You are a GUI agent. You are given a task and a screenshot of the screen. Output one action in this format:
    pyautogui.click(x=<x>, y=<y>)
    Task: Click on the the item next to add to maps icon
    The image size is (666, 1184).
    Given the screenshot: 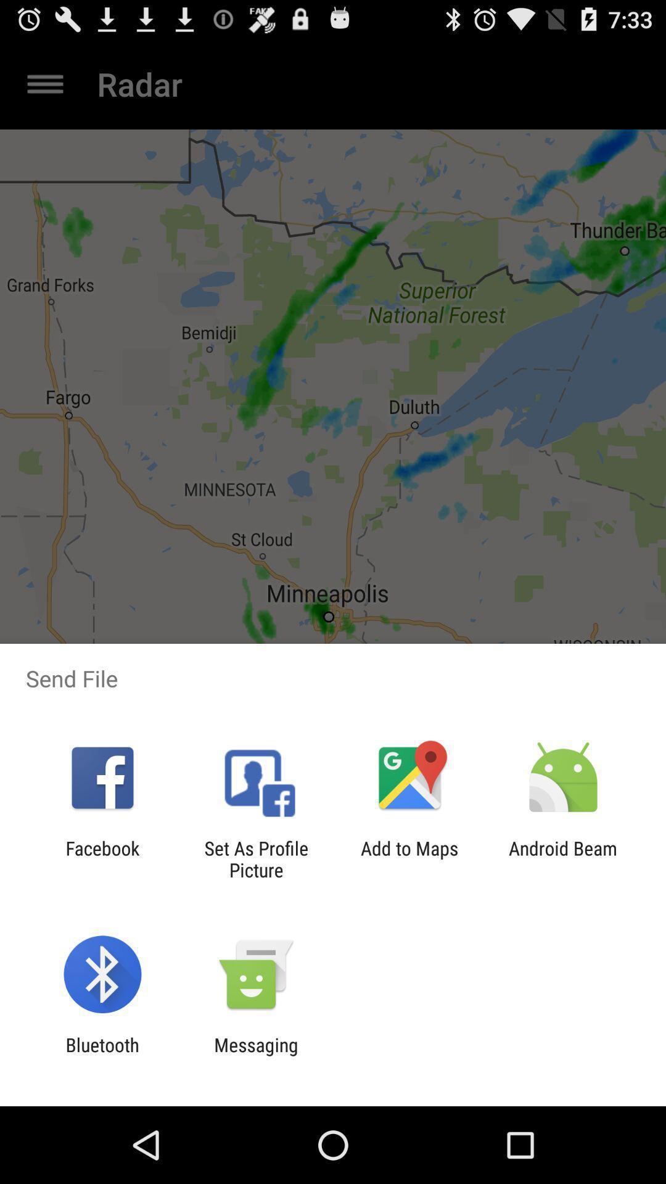 What is the action you would take?
    pyautogui.click(x=563, y=858)
    